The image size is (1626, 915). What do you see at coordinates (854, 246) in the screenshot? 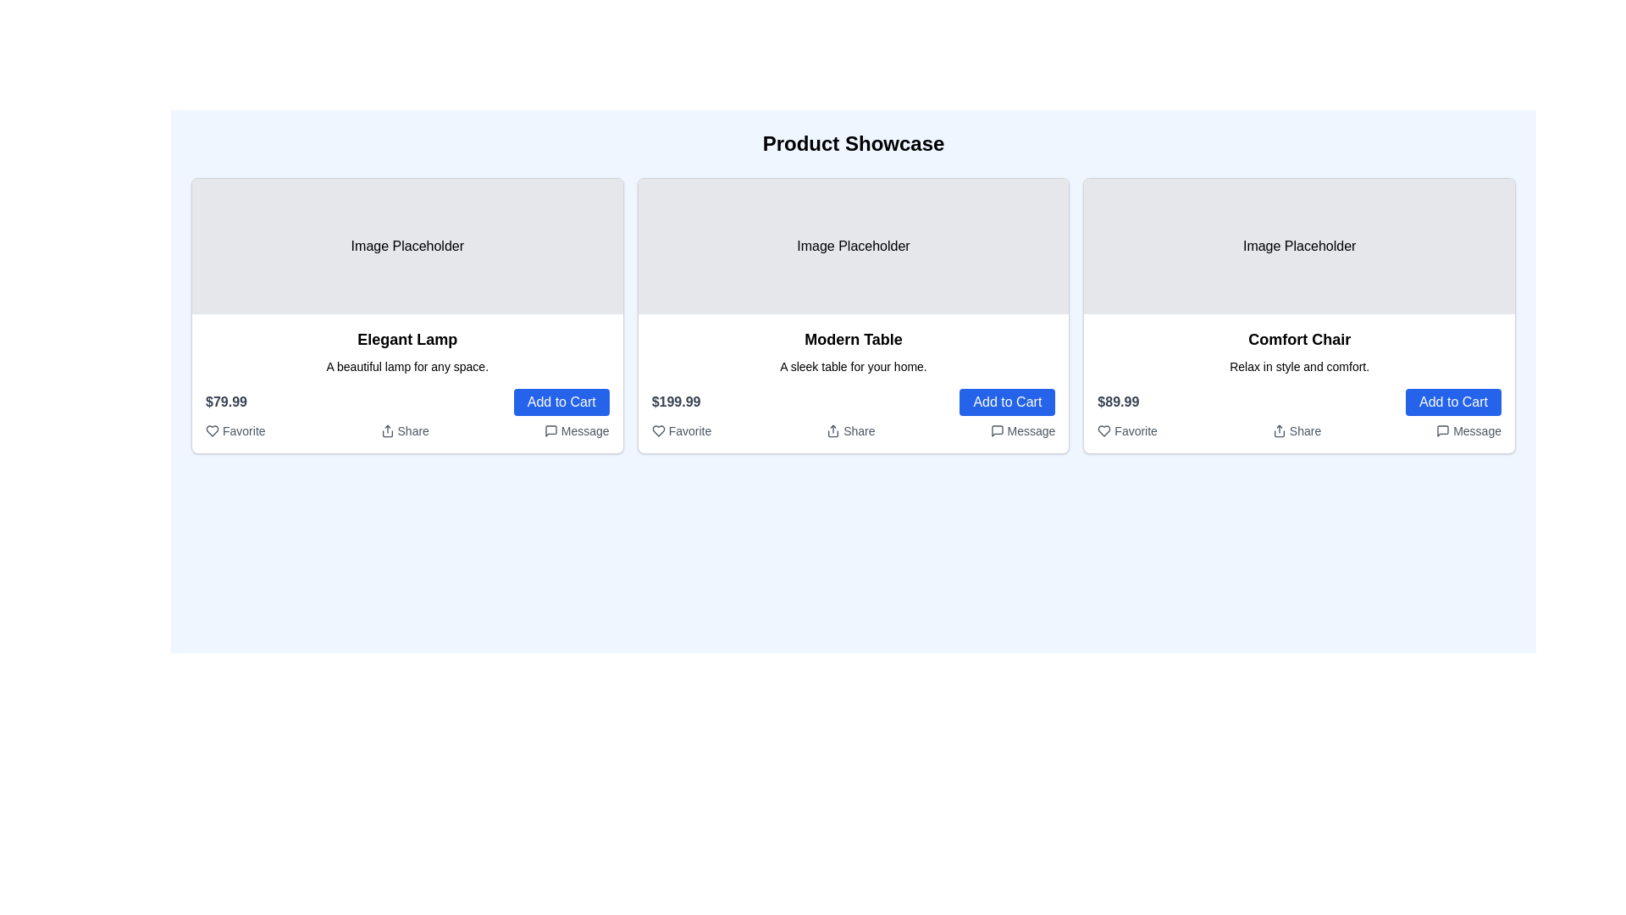
I see `the Text label that serves as a placeholder for an image above the product name 'Modern Table' in the middle panel of the layout` at bounding box center [854, 246].